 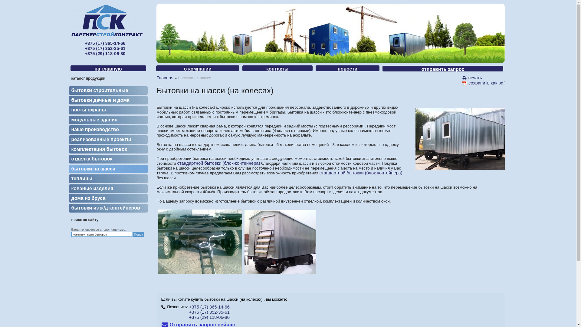 I want to click on '+375 (17) 365-14-66, so click(x=105, y=48).